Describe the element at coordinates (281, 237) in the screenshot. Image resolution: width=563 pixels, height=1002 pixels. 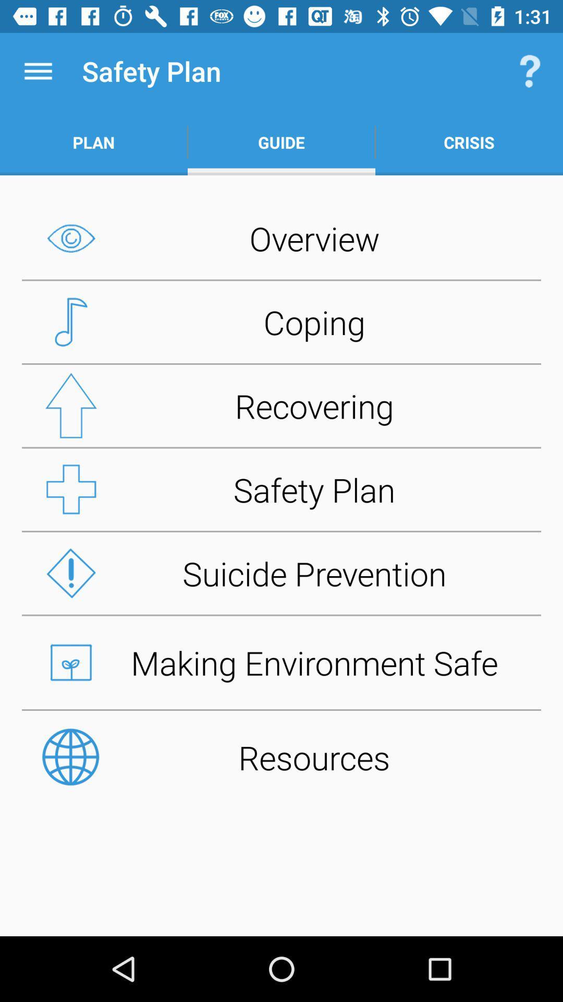
I see `the app below plan app` at that location.